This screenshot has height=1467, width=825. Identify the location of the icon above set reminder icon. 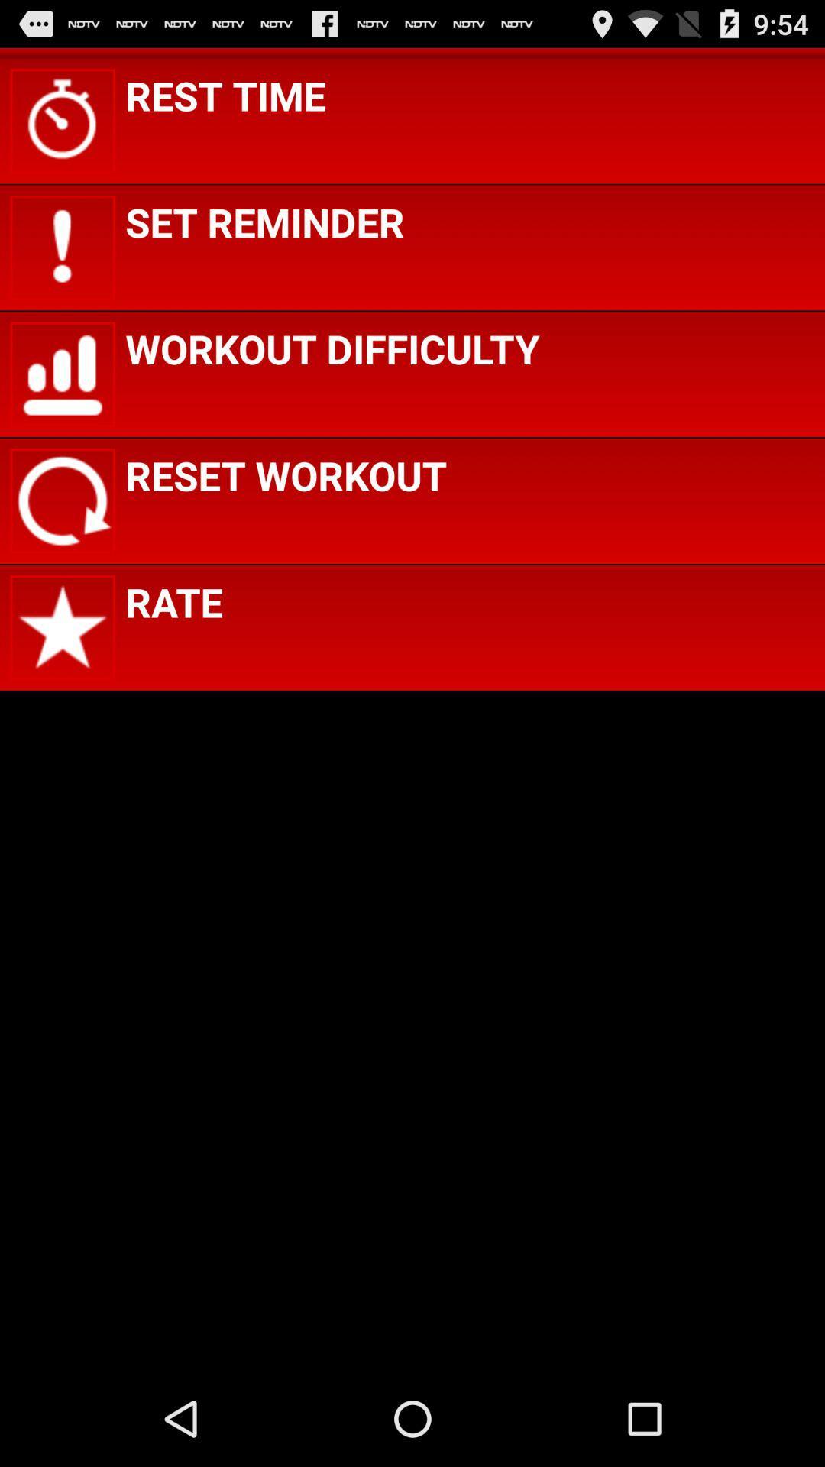
(225, 94).